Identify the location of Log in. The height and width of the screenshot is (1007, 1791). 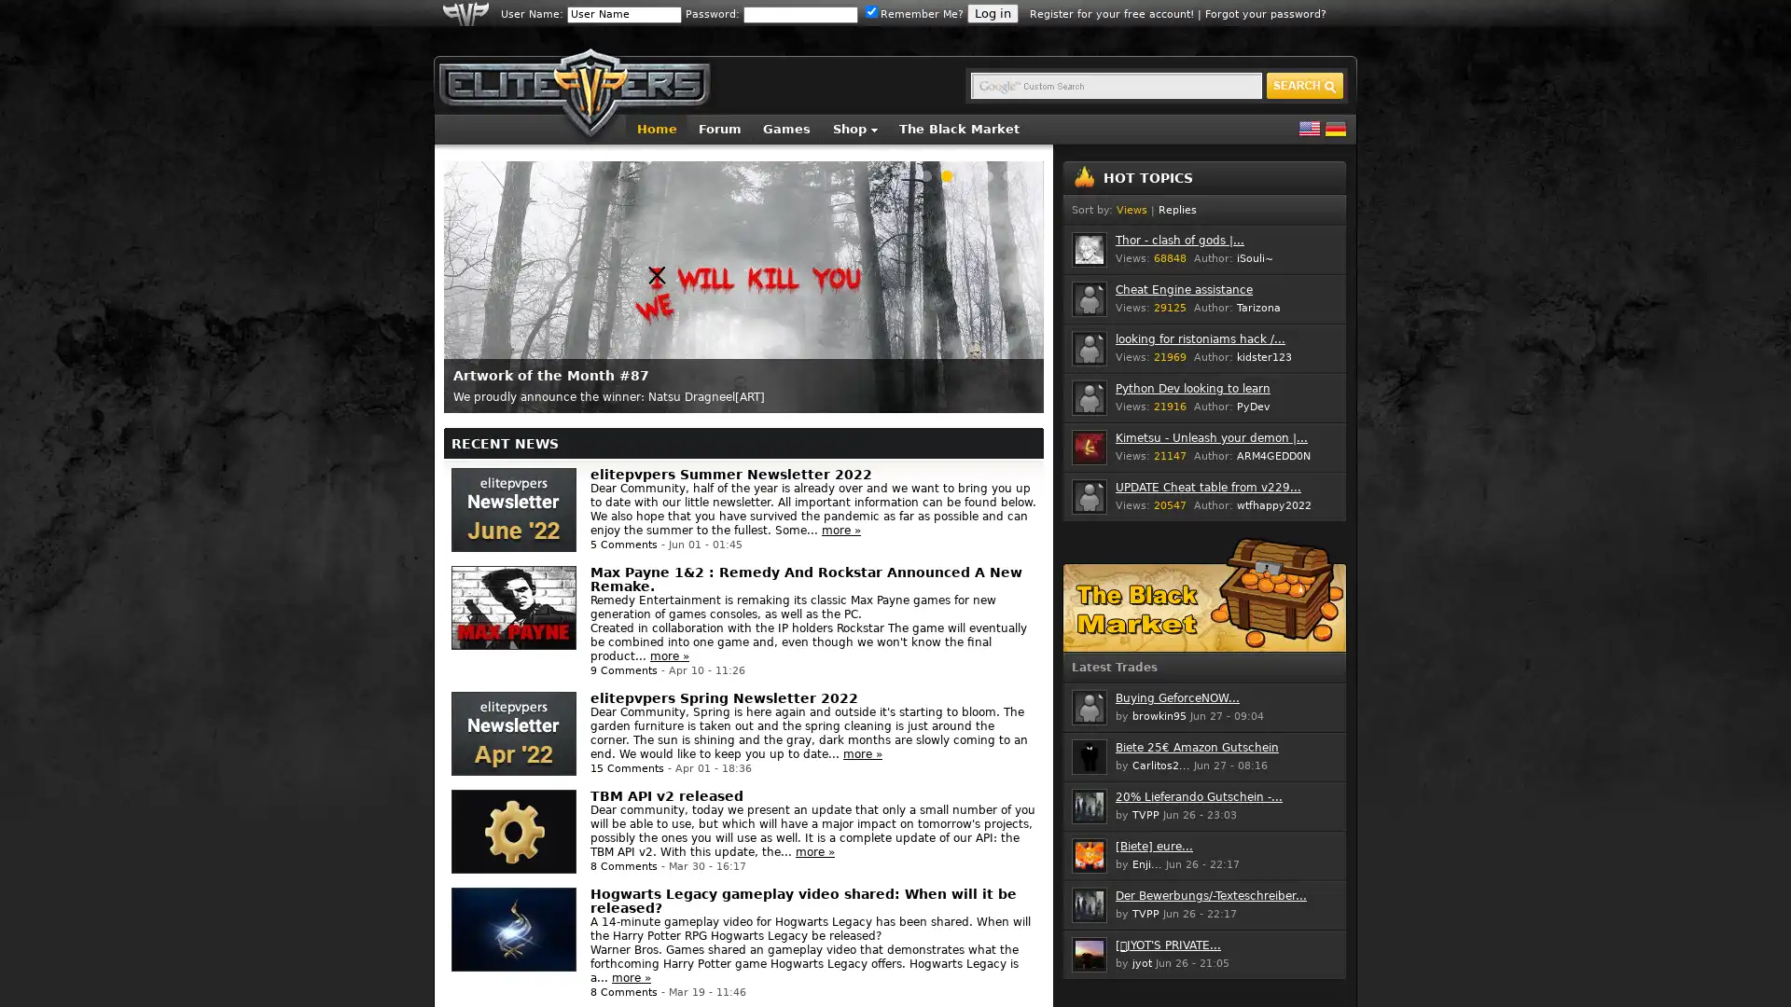
(992, 13).